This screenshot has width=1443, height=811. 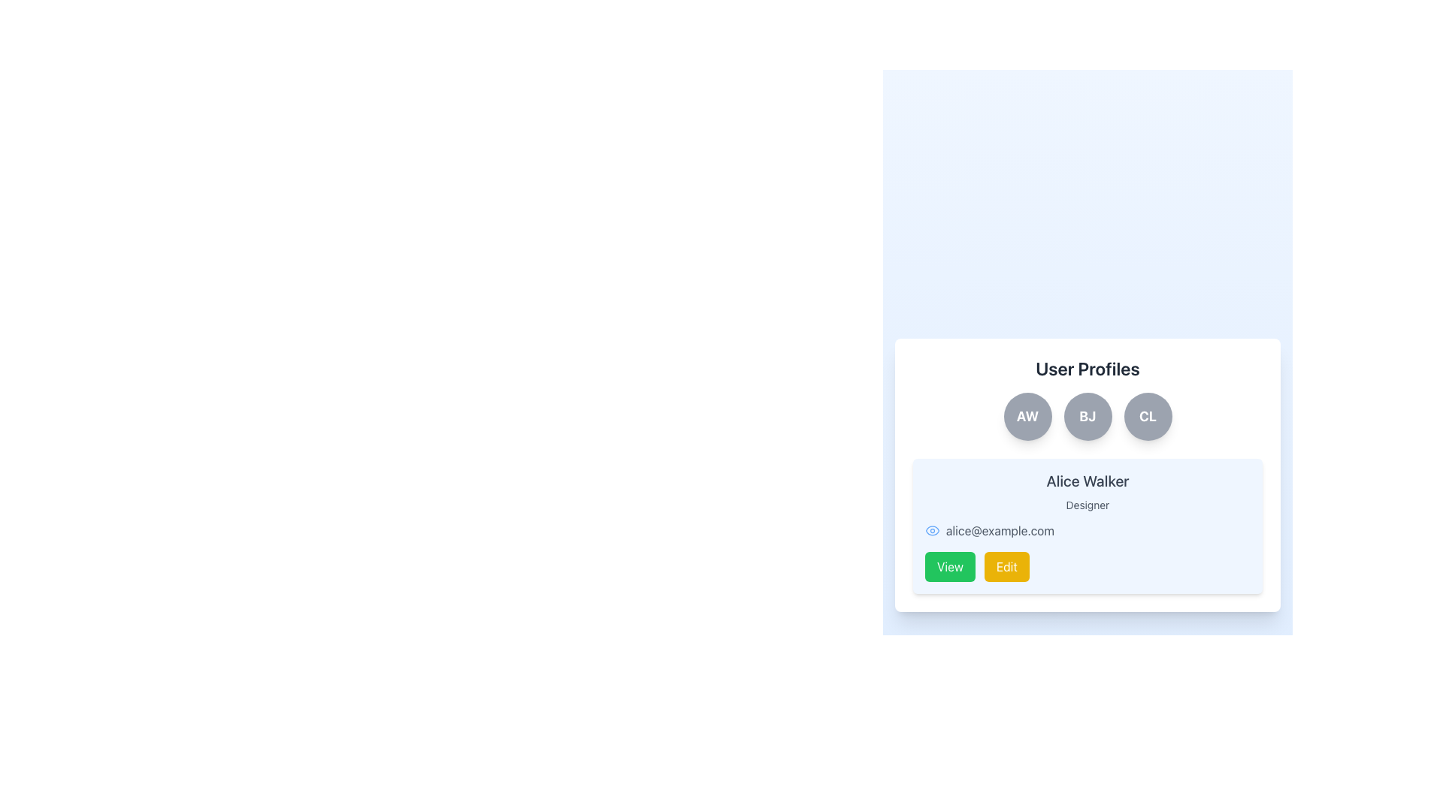 What do you see at coordinates (1027, 417) in the screenshot?
I see `the rounded gray button labeled 'AW'` at bounding box center [1027, 417].